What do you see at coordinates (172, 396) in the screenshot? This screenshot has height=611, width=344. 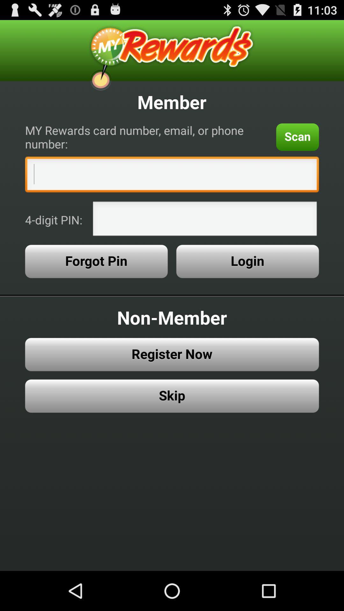 I see `the button below register now icon` at bounding box center [172, 396].